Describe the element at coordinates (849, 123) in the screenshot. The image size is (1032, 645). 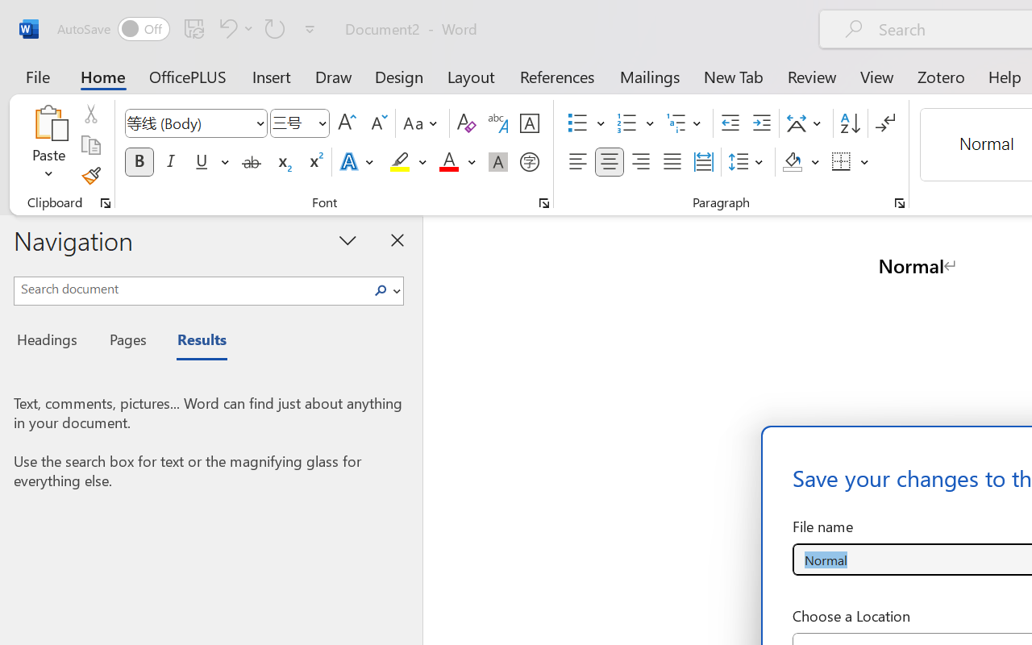
I see `'Sort...'` at that location.